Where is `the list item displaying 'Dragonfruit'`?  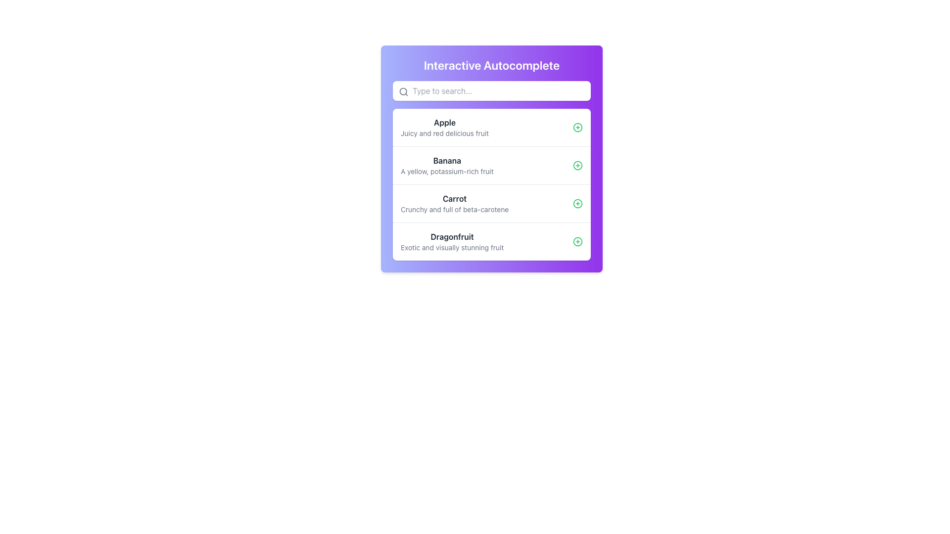
the list item displaying 'Dragonfruit' is located at coordinates (491, 241).